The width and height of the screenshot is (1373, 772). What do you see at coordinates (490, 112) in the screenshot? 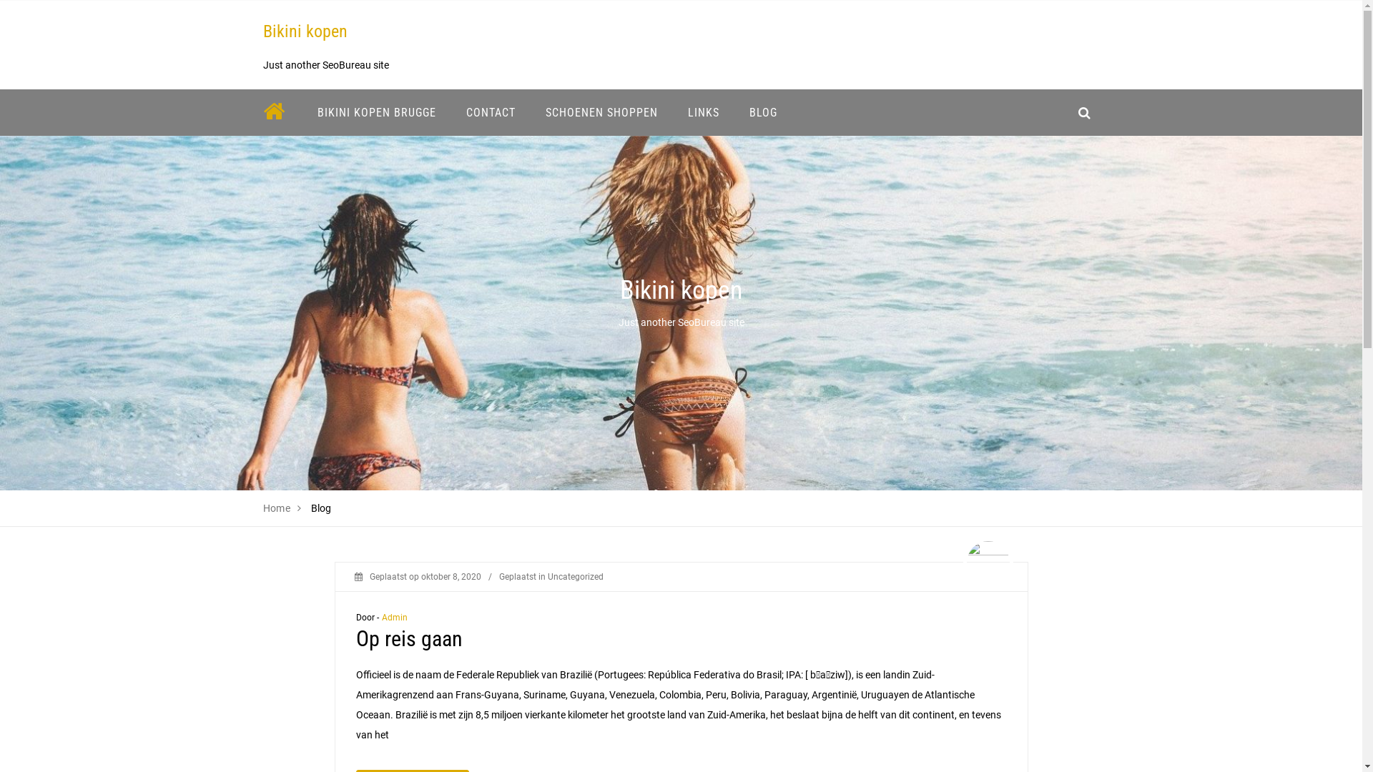
I see `'CONTACT'` at bounding box center [490, 112].